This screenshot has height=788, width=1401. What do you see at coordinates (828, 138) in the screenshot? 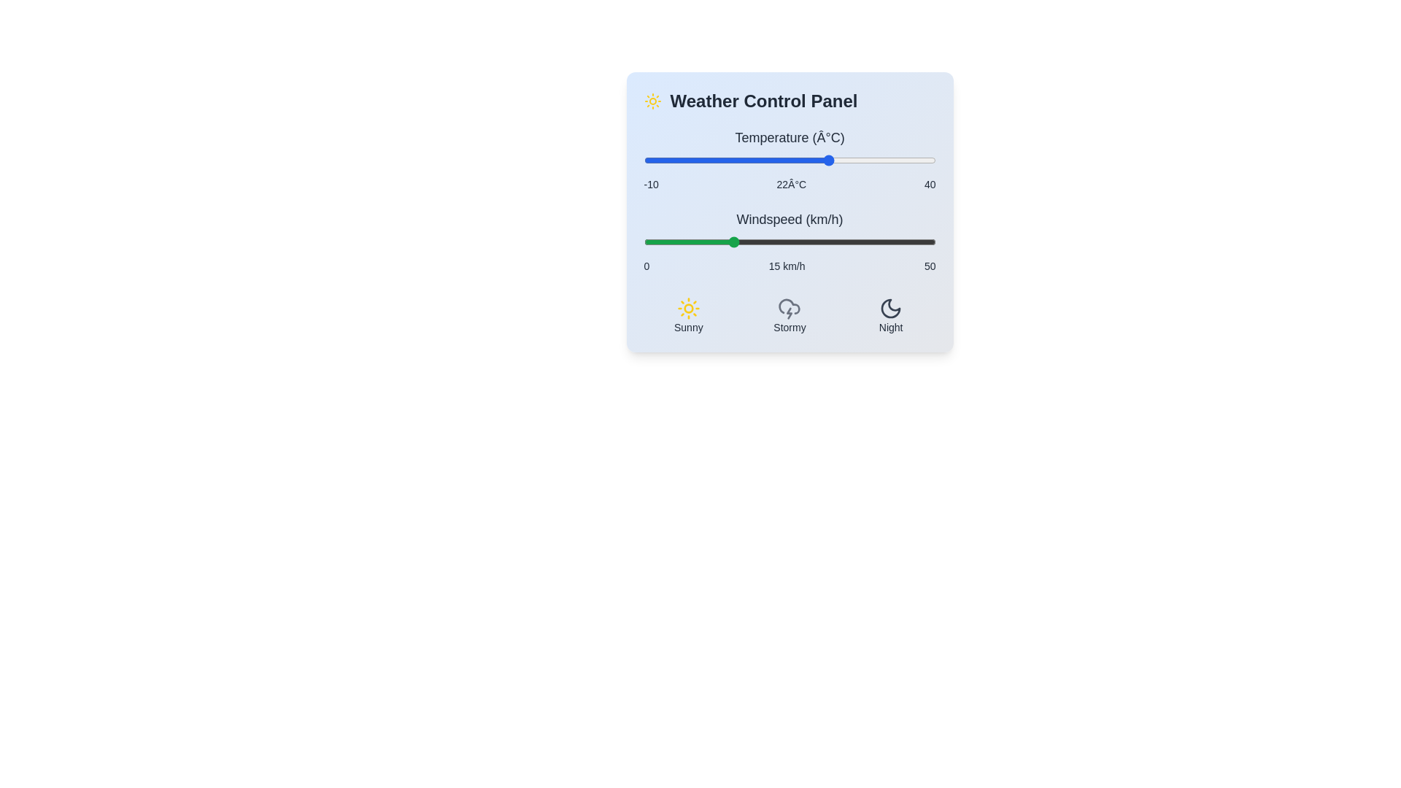
I see `the text label indicating the unit (degrees Celsius) for the temperature settings in the Weather Control Panel, positioned to the right of the 'Temperature' label and inline with the '22' temperature value` at bounding box center [828, 138].